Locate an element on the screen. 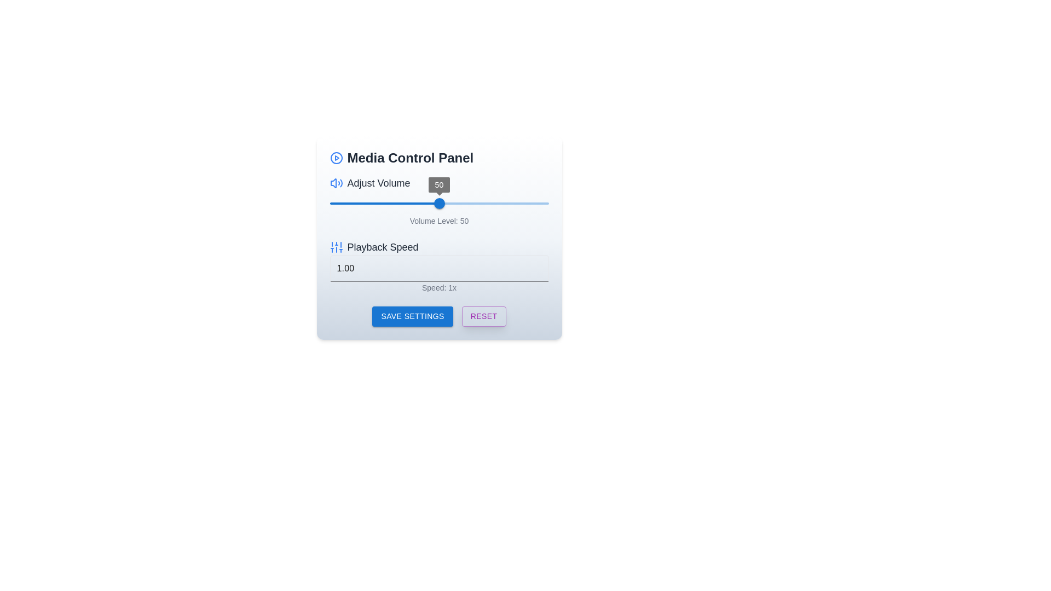 Image resolution: width=1051 pixels, height=591 pixels. the horizontal slider control's track to adjust the volume level, which is displayed below the slider as 'Volume Level: 50' is located at coordinates (439, 203).